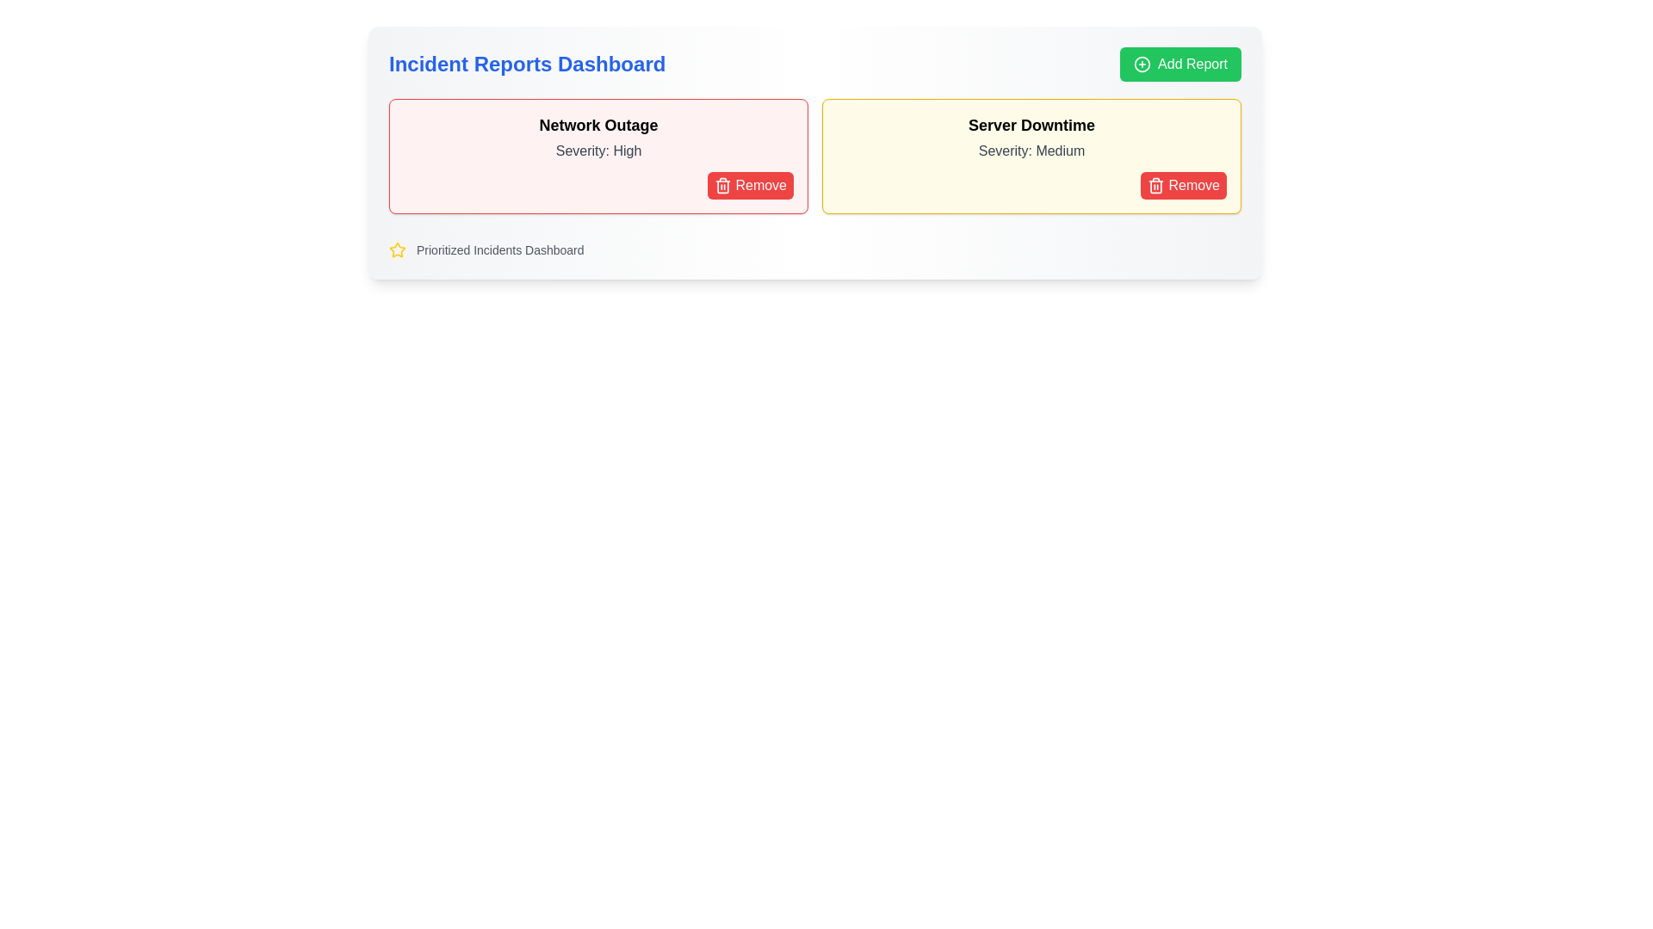 The image size is (1653, 929). I want to click on the star icon with a yellow outline located to the left of the 'Prioritized Incidents Dashboard' text, so click(396, 249).